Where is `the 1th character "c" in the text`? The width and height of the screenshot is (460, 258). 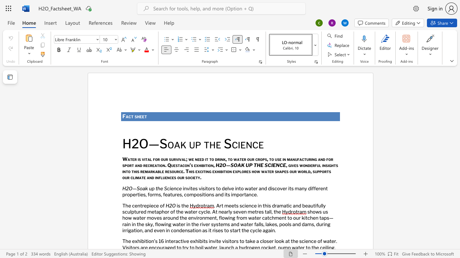 the 1th character "c" in the text is located at coordinates (243, 205).